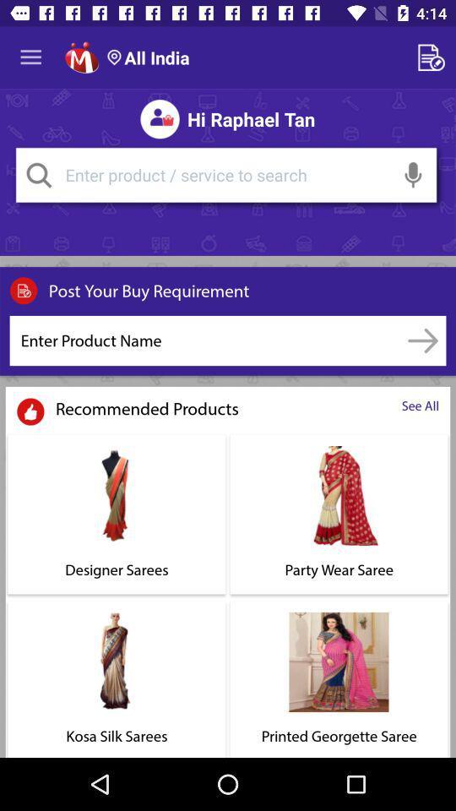  Describe the element at coordinates (422, 340) in the screenshot. I see `the arrow after the text enter product name` at that location.